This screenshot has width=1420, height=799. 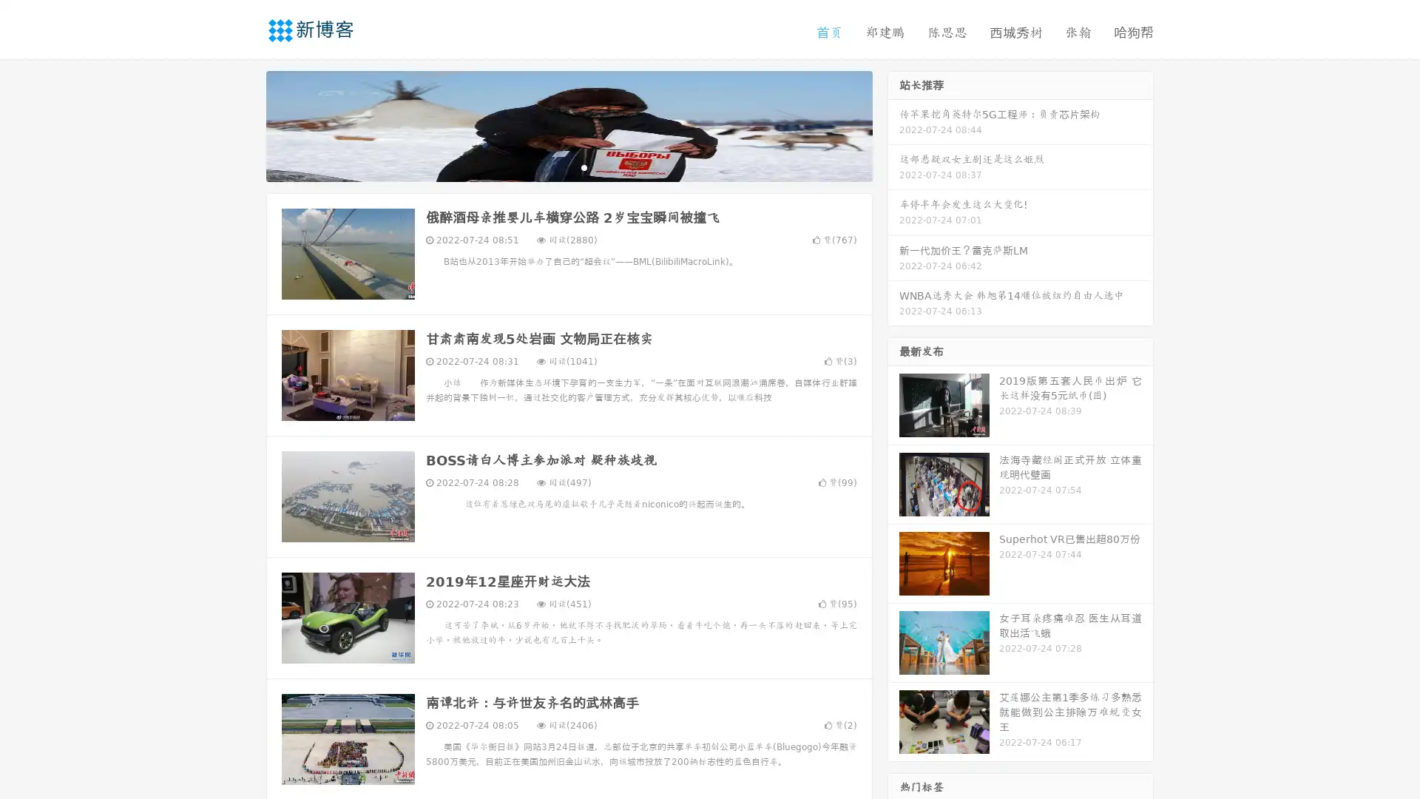 I want to click on Go to slide 2, so click(x=568, y=166).